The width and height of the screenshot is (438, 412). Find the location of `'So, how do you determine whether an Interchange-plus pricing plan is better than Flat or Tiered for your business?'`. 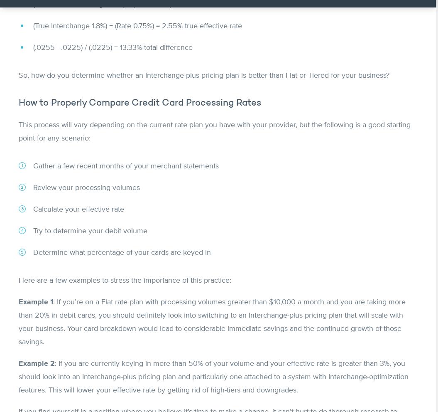

'So, how do you determine whether an Interchange-plus pricing plan is better than Flat or Tiered for your business?' is located at coordinates (19, 75).